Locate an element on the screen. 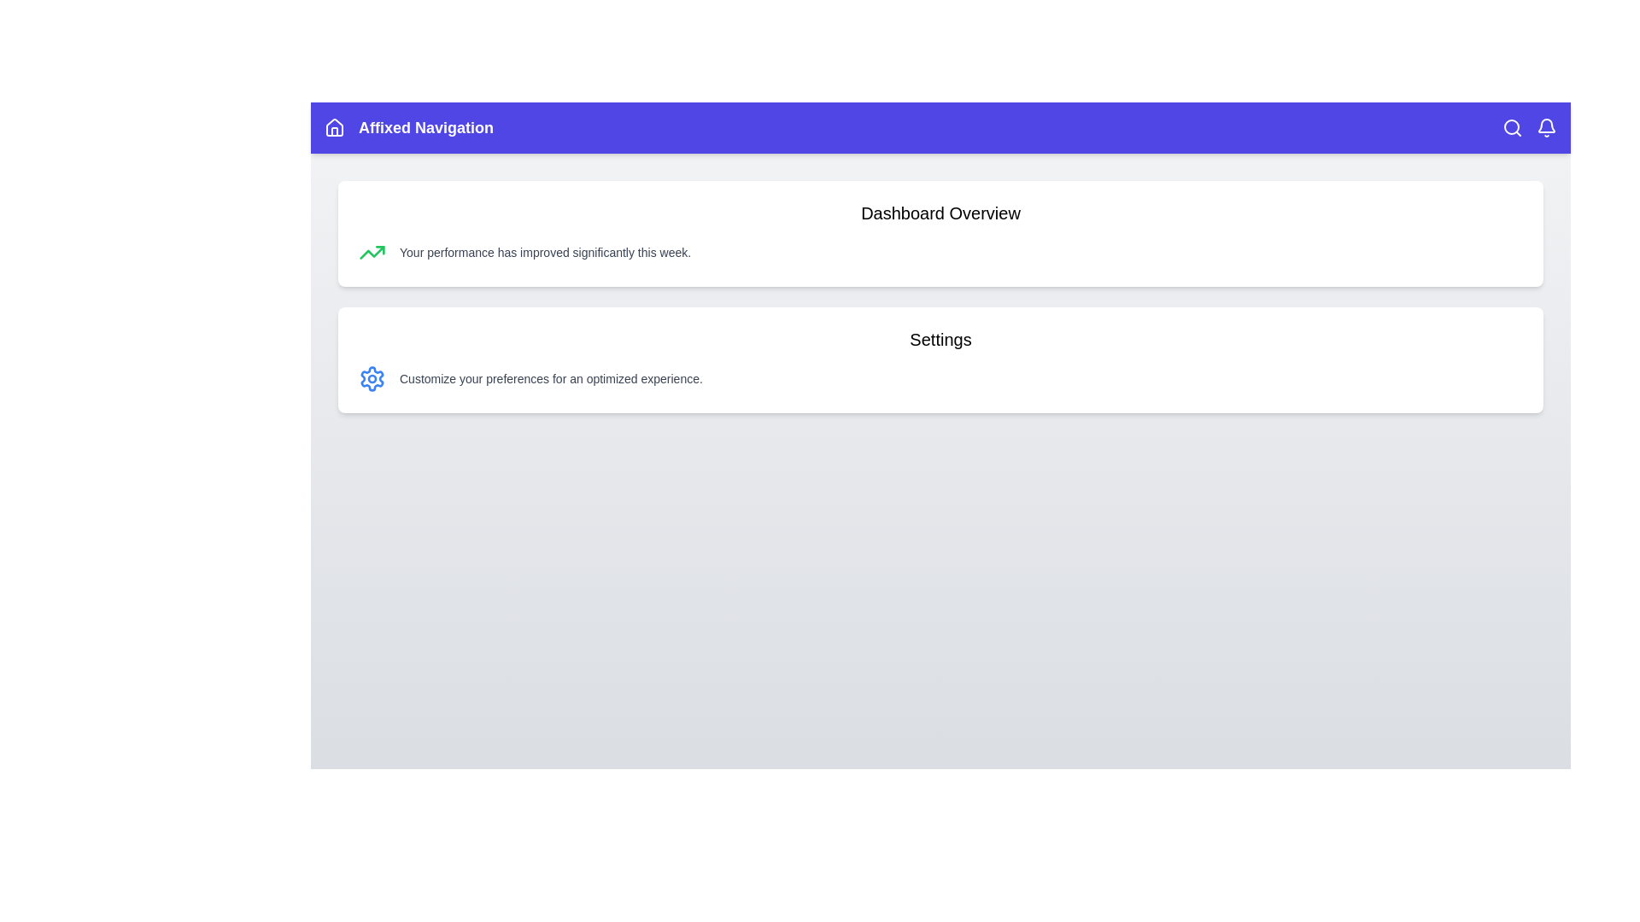  the house-shaped icon located at the beginning of the header section labeled 'Affixed Navigation' is located at coordinates (335, 127).